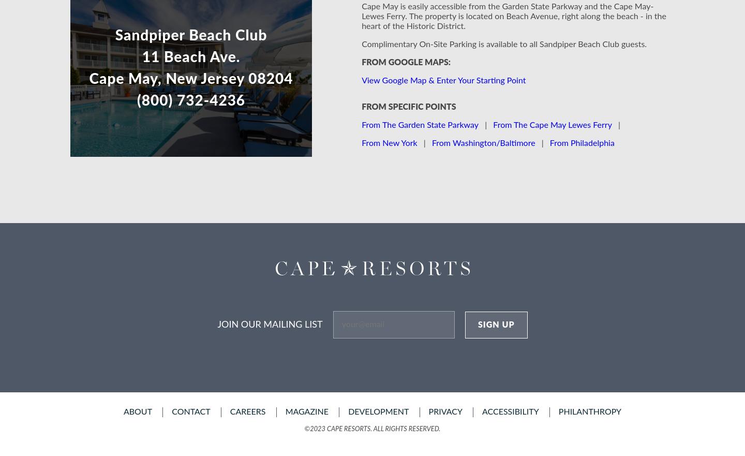  Describe the element at coordinates (509, 411) in the screenshot. I see `'accessibility'` at that location.